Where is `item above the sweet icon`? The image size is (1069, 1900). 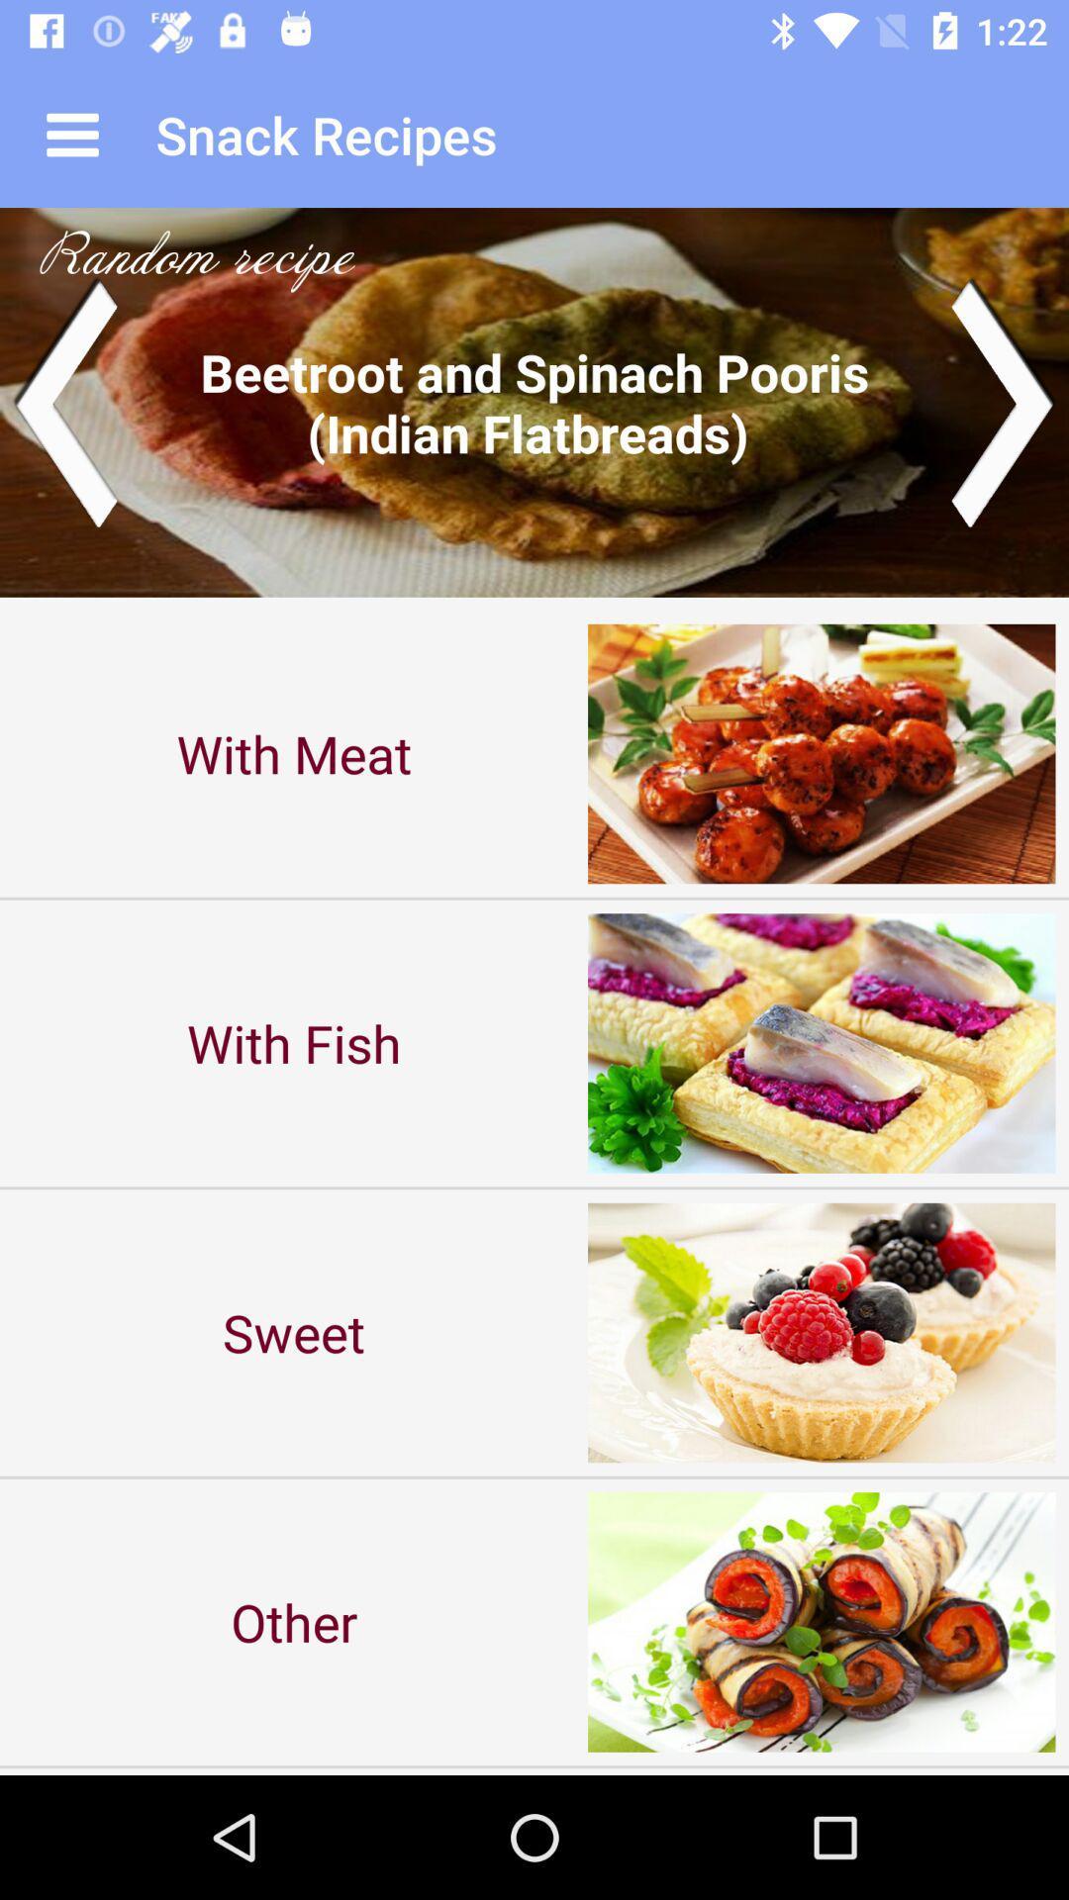 item above the sweet icon is located at coordinates (294, 1042).